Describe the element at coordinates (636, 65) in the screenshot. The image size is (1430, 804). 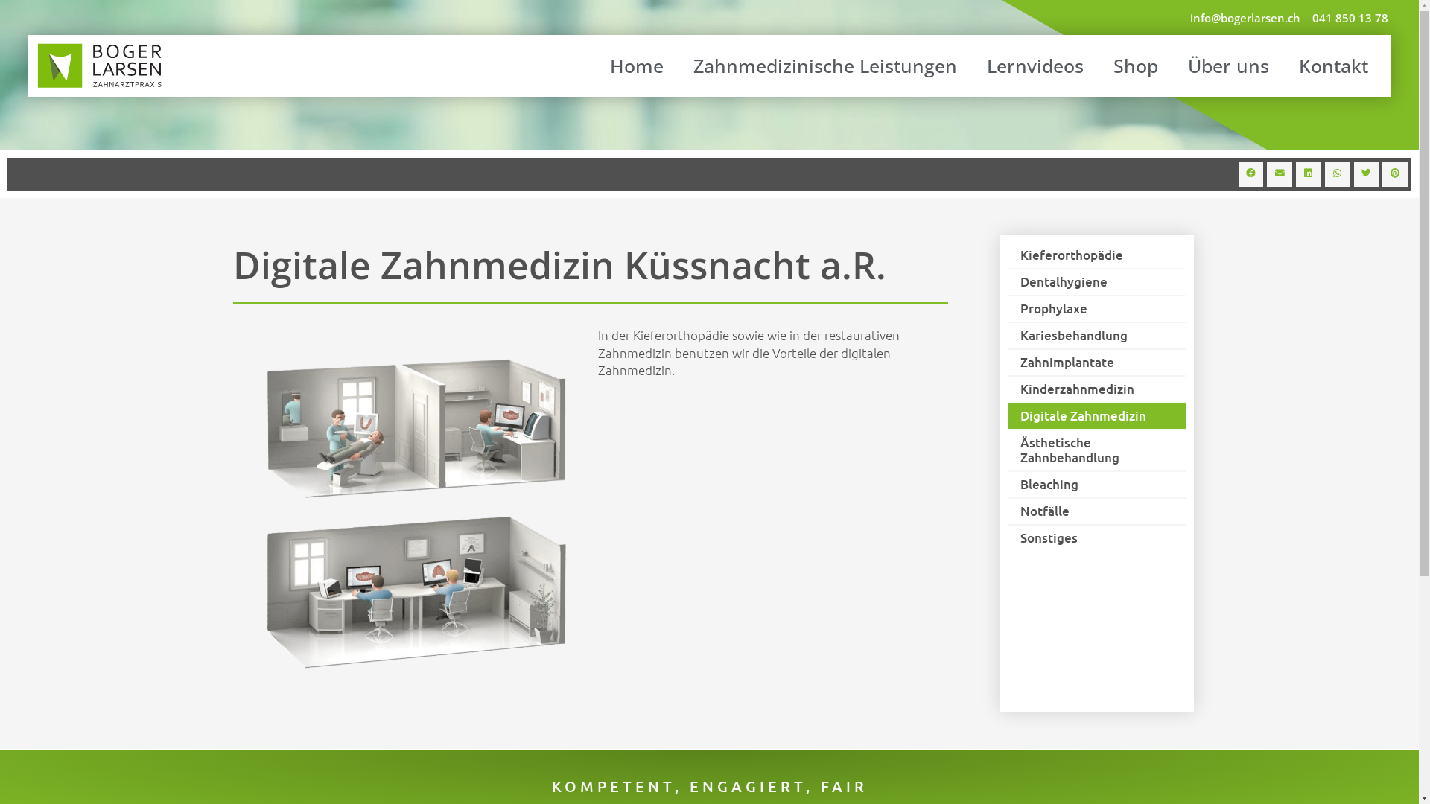
I see `'Home'` at that location.